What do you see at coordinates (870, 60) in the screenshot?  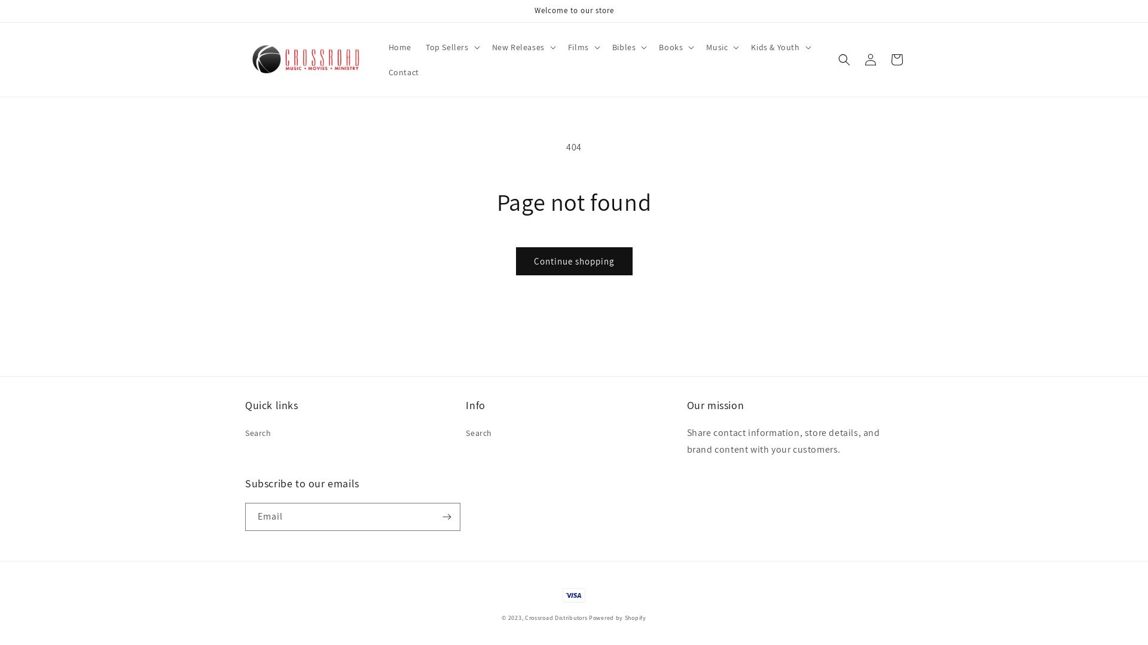 I see `'Log in'` at bounding box center [870, 60].